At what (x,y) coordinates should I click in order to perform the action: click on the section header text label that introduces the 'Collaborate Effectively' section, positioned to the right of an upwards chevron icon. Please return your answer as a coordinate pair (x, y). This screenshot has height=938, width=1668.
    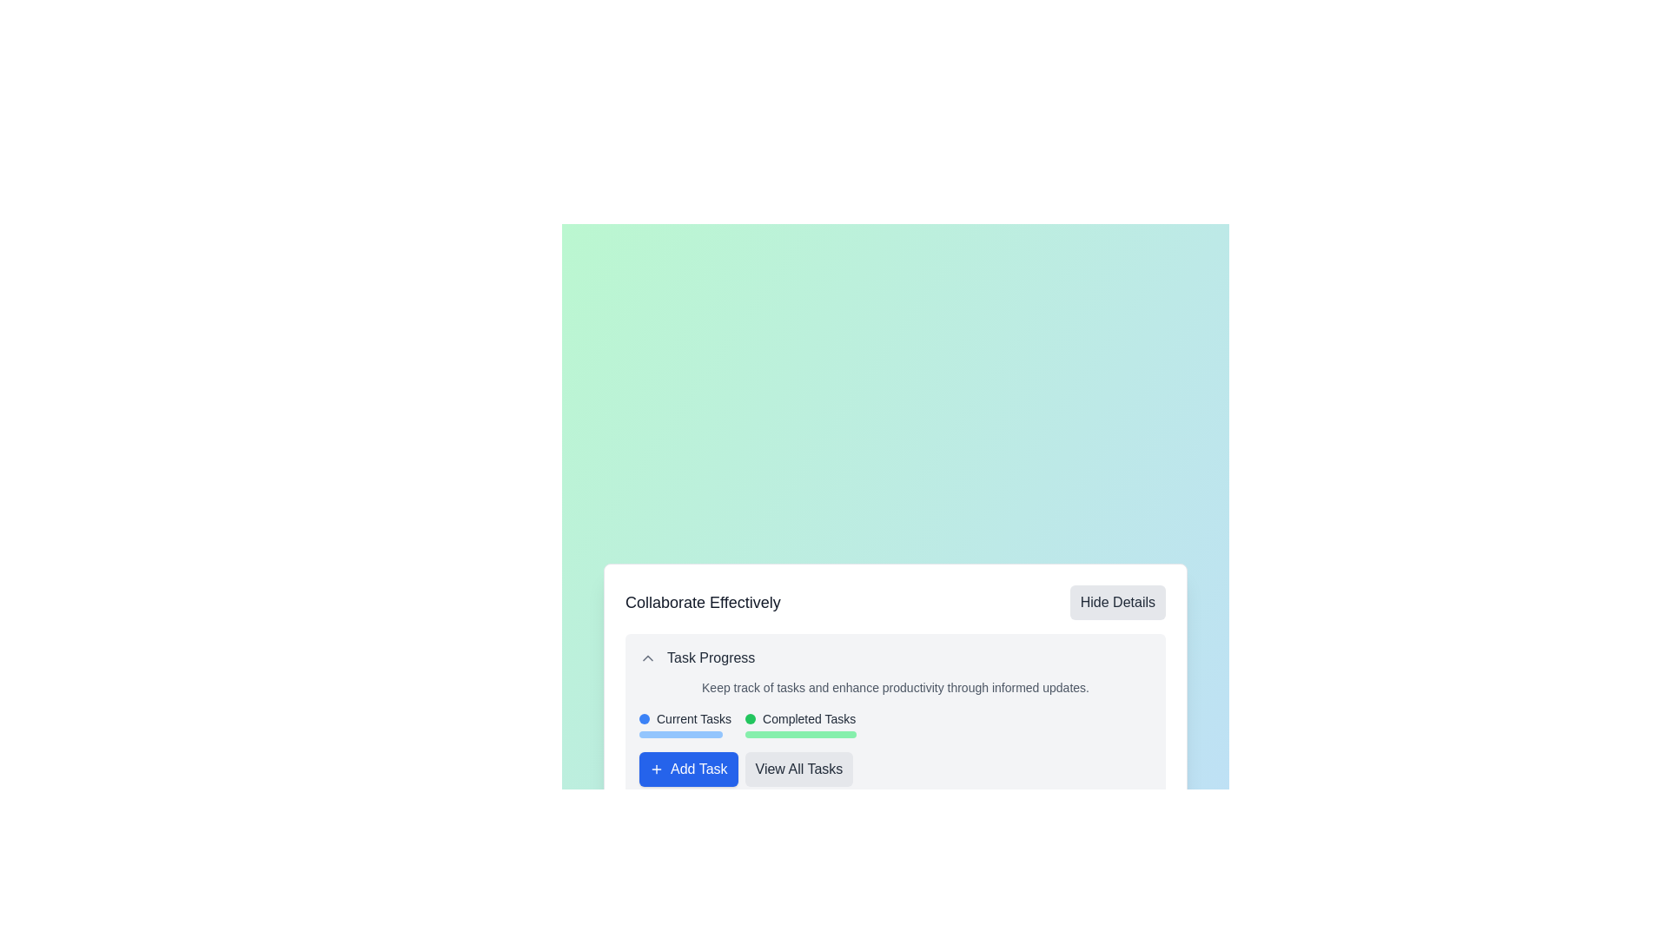
    Looking at the image, I should click on (711, 658).